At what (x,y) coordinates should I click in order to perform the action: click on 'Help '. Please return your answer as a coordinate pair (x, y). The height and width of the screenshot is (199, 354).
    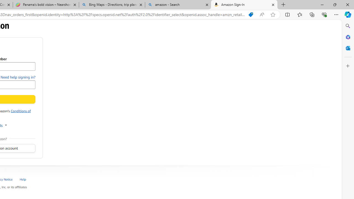
    Looking at the image, I should click on (23, 179).